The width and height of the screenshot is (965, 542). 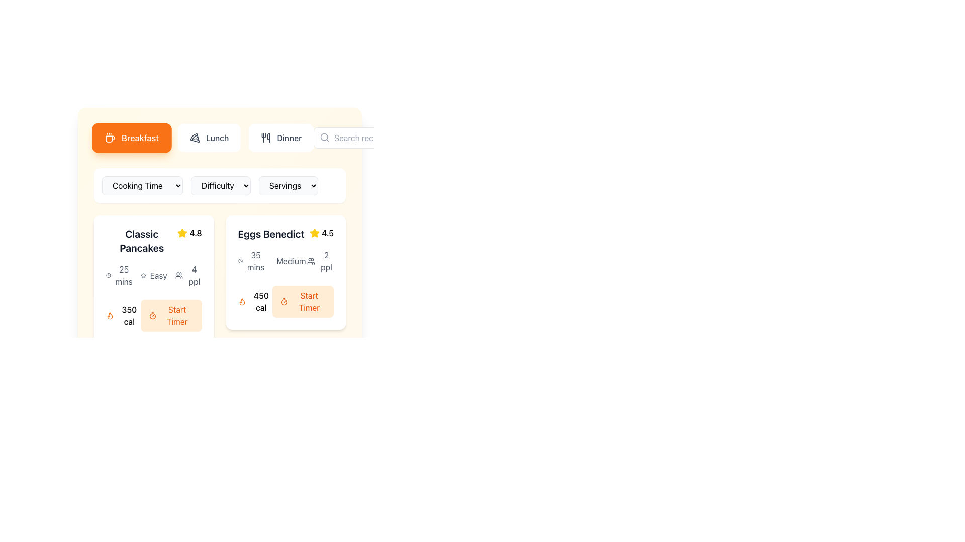 What do you see at coordinates (285, 260) in the screenshot?
I see `the Information display group that shows '35 mins', 'Medium', and '2 ppl', located below the header 'Eggs Benedict'` at bounding box center [285, 260].